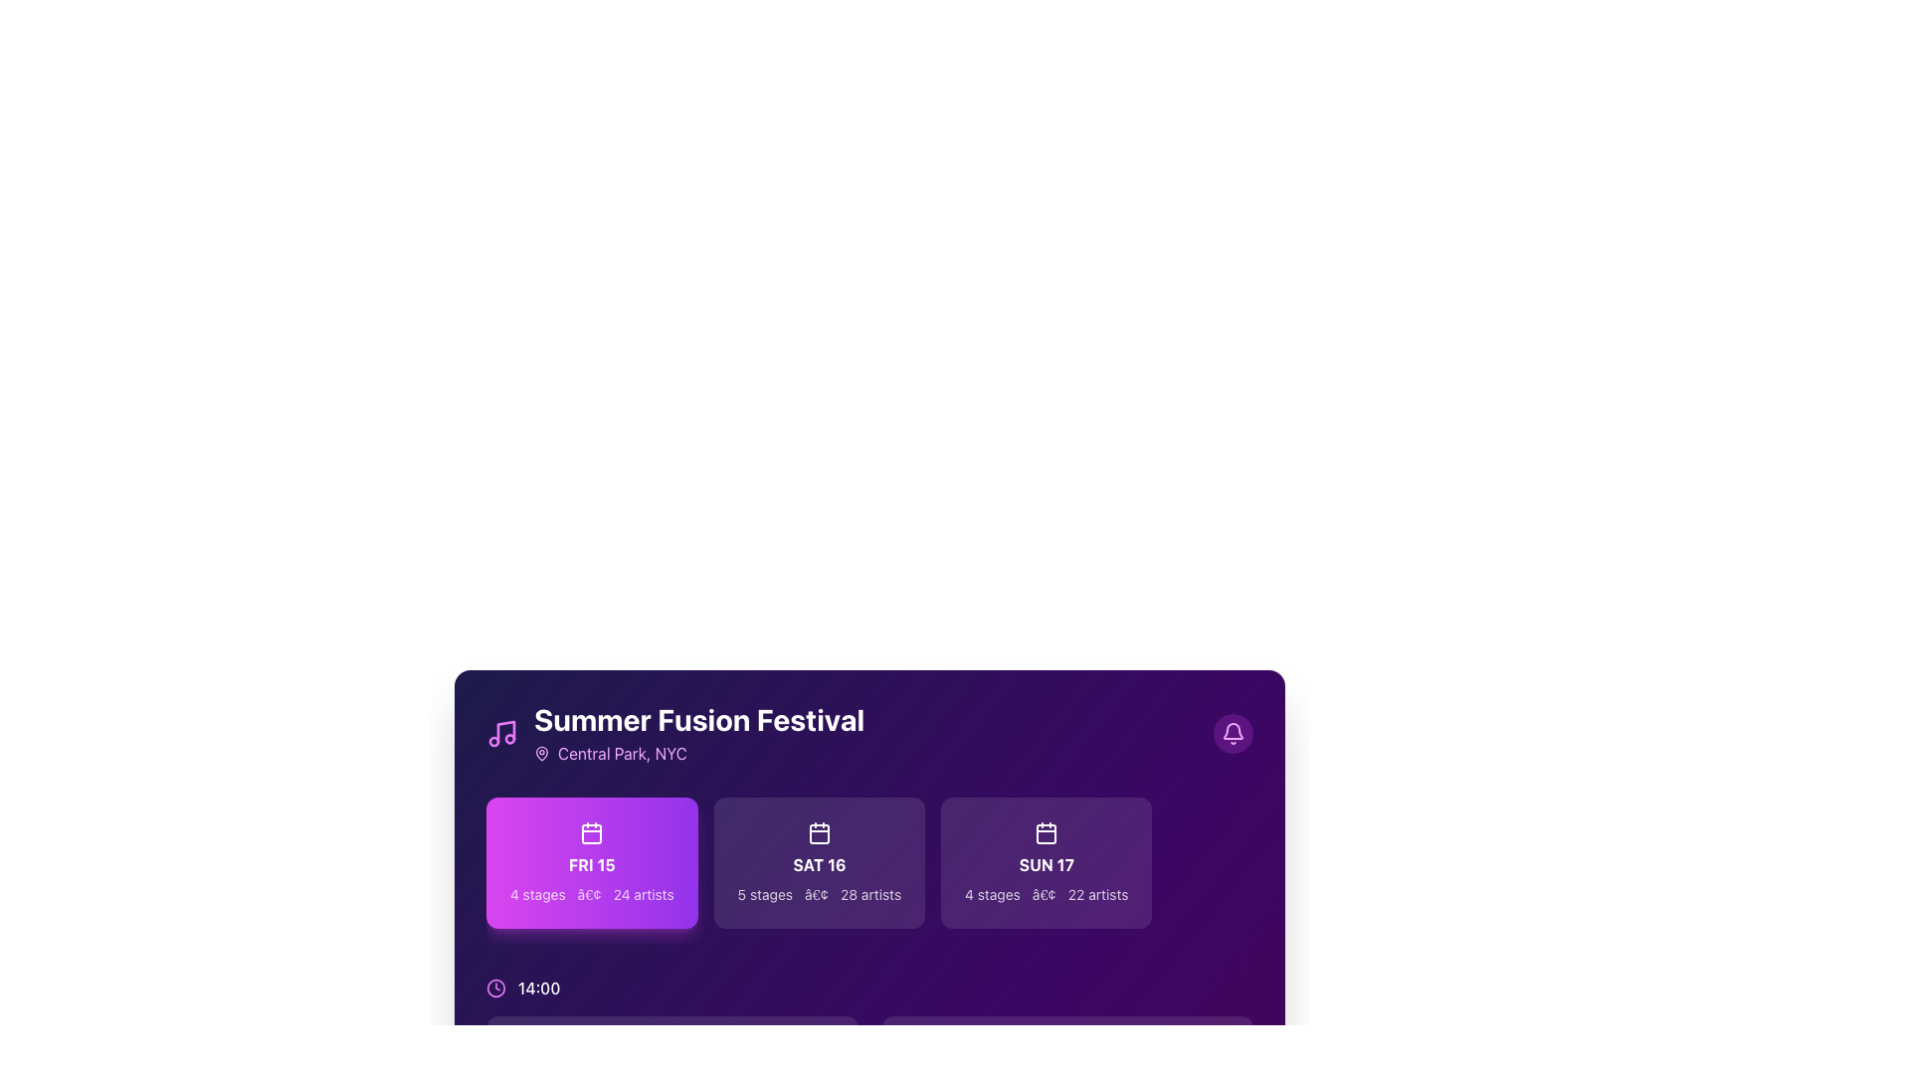 Image resolution: width=1910 pixels, height=1074 pixels. Describe the element at coordinates (591, 893) in the screenshot. I see `information displayed in the text label located at the lower center of the 'FRI 15' event card, which provides details about the number of stages and artists involved` at that location.